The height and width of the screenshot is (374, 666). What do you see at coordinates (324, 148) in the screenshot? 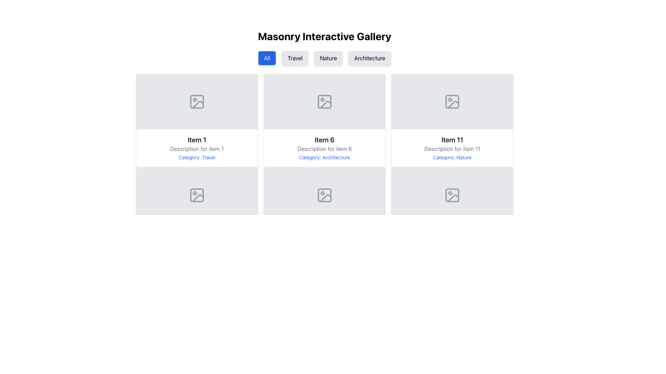
I see `the category link in the Text Display Block located in the second row, second column of the masonry-style layout` at bounding box center [324, 148].